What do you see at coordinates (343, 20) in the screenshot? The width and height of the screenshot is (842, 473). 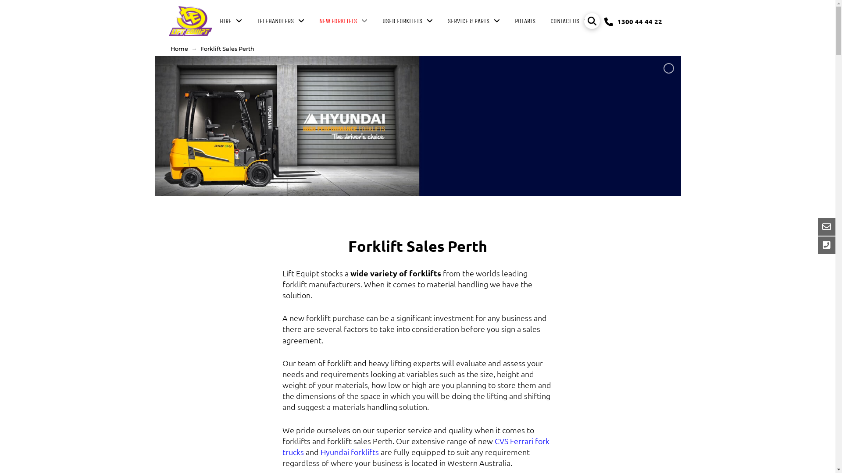 I see `'NEW FORKLIFTS'` at bounding box center [343, 20].